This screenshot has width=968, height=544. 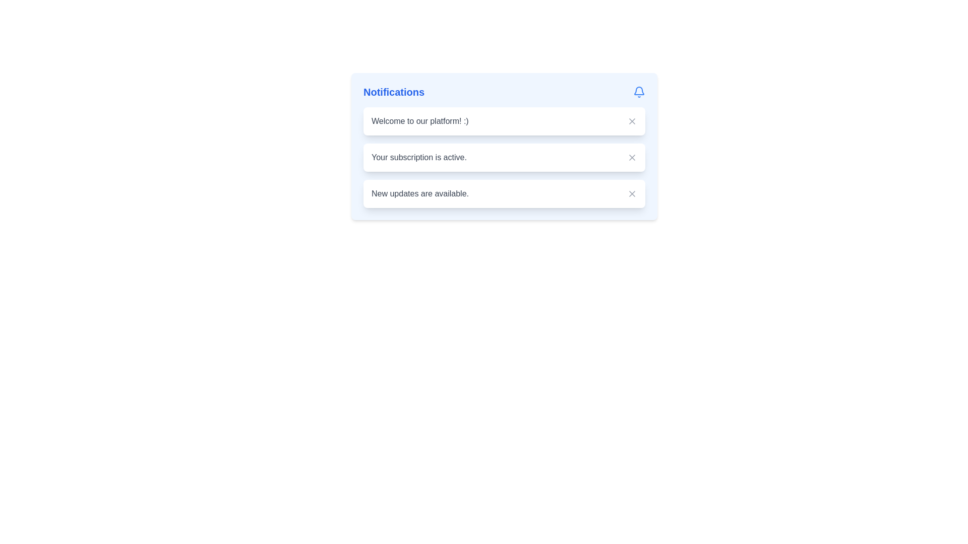 What do you see at coordinates (393, 92) in the screenshot?
I see `the bold, extra-large blue text label reading 'Notifications', located at the top-left corner of the notification panel` at bounding box center [393, 92].